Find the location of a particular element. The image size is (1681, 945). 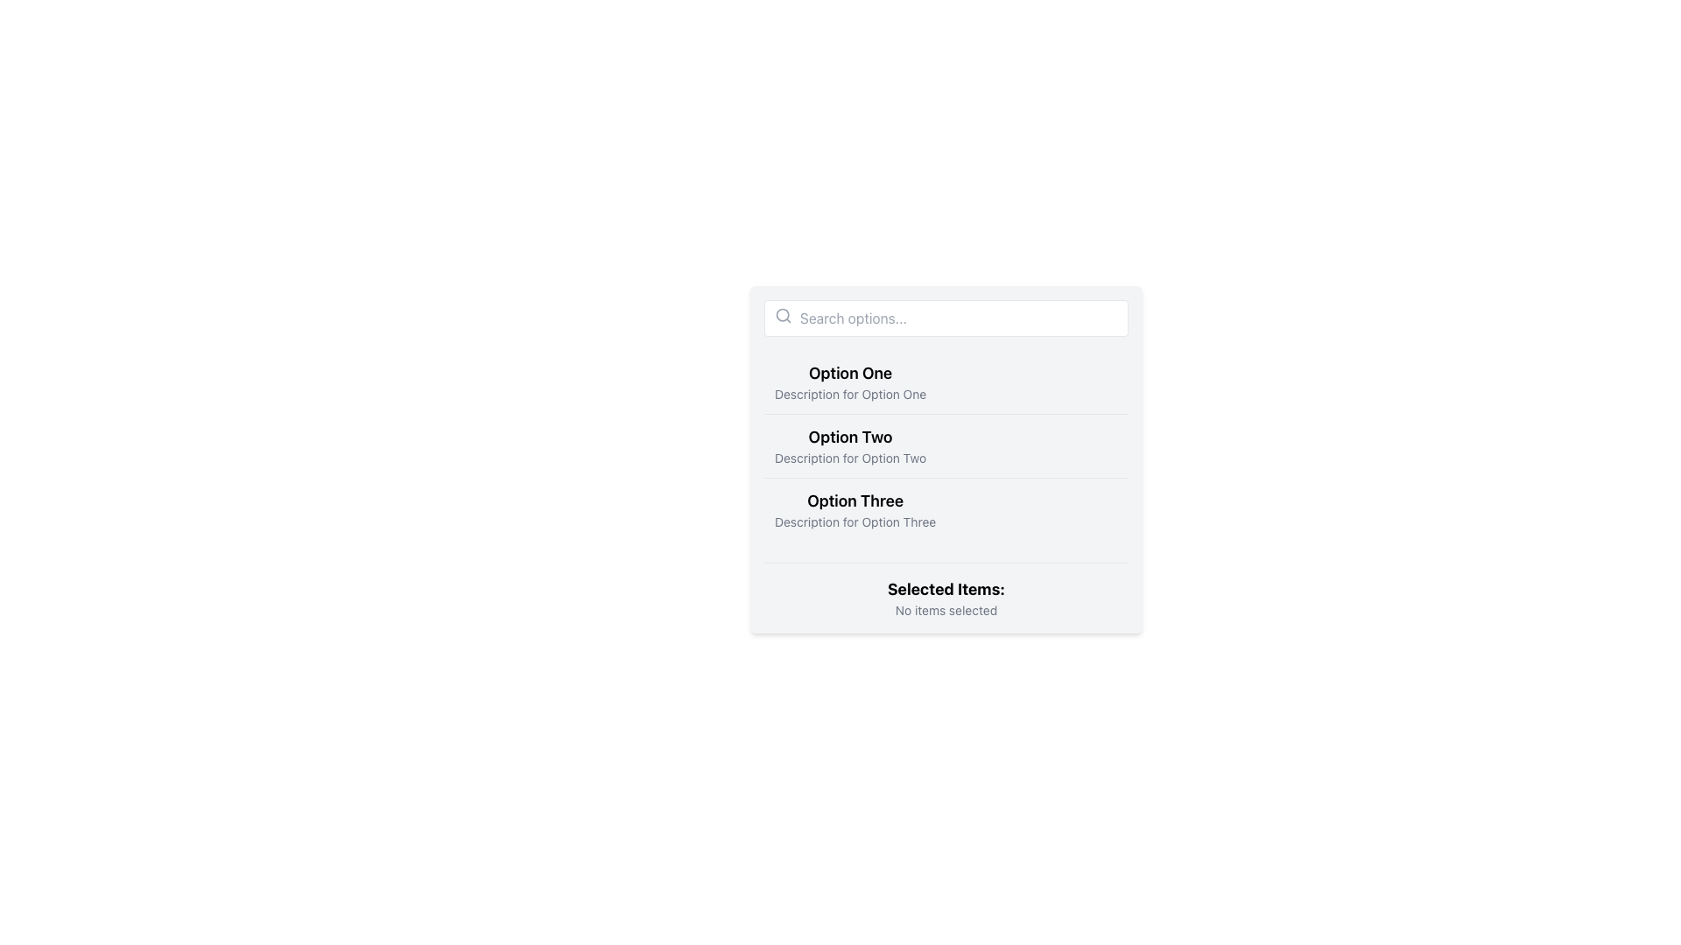

the second item in the selectable list is located at coordinates (945, 444).